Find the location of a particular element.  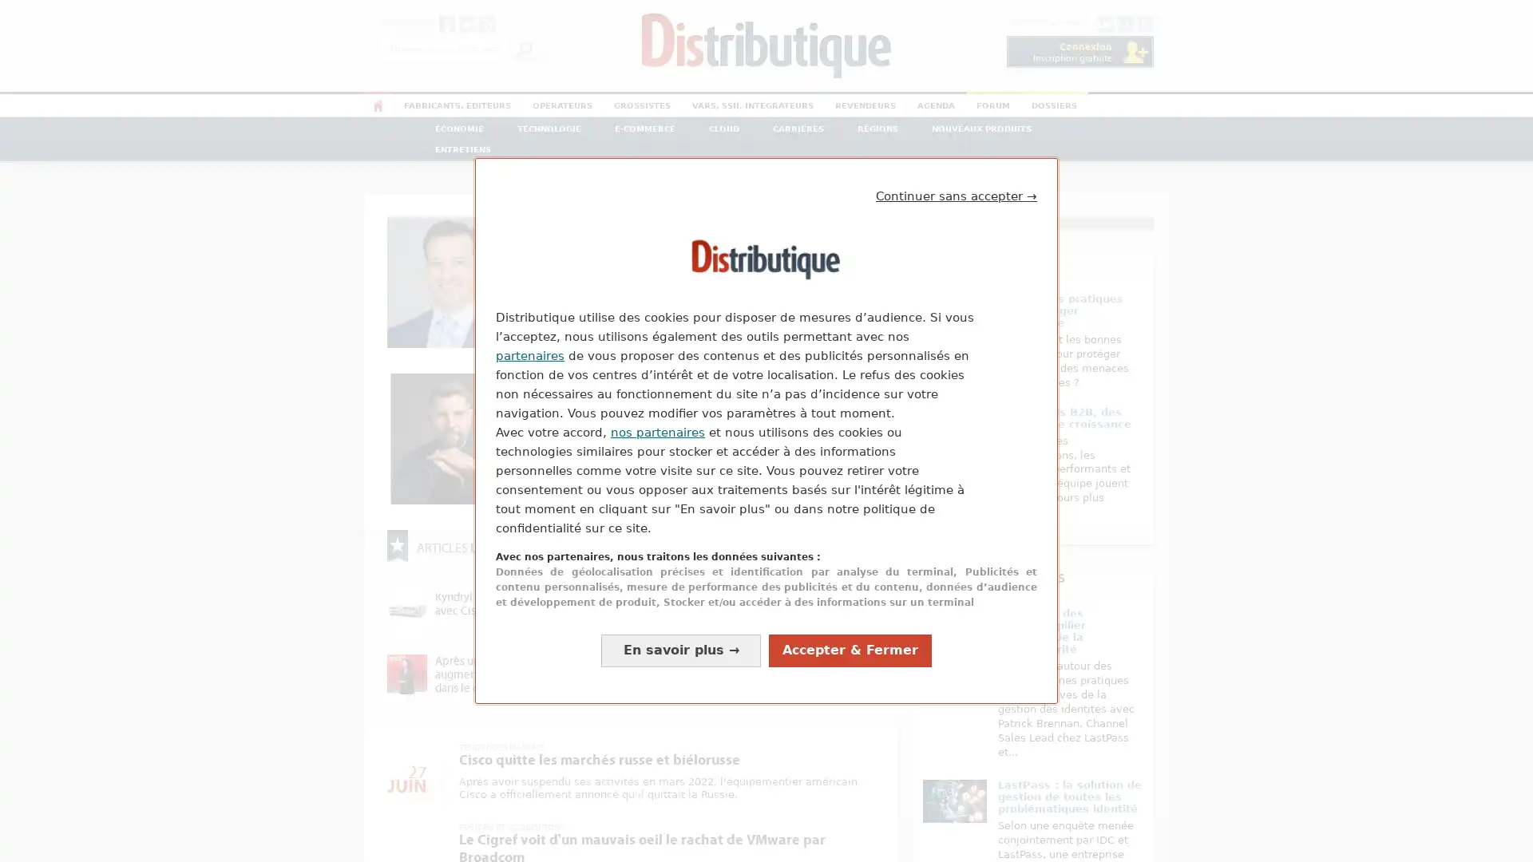

Accepter notre traitement des donnees et fermer is located at coordinates (850, 650).